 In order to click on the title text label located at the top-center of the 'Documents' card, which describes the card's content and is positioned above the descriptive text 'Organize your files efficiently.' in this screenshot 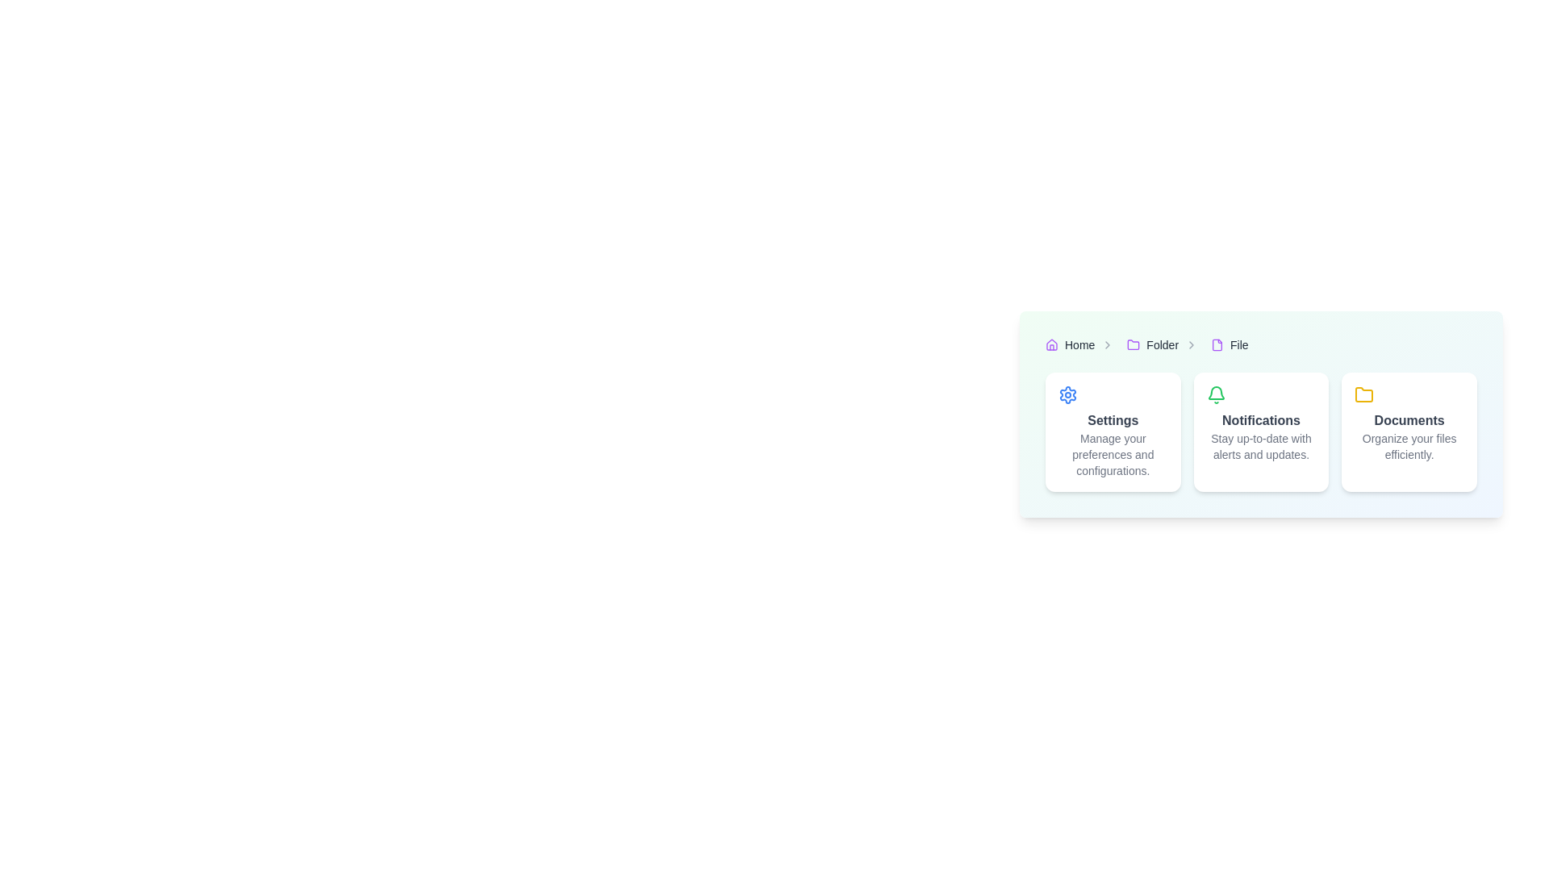, I will do `click(1409, 419)`.